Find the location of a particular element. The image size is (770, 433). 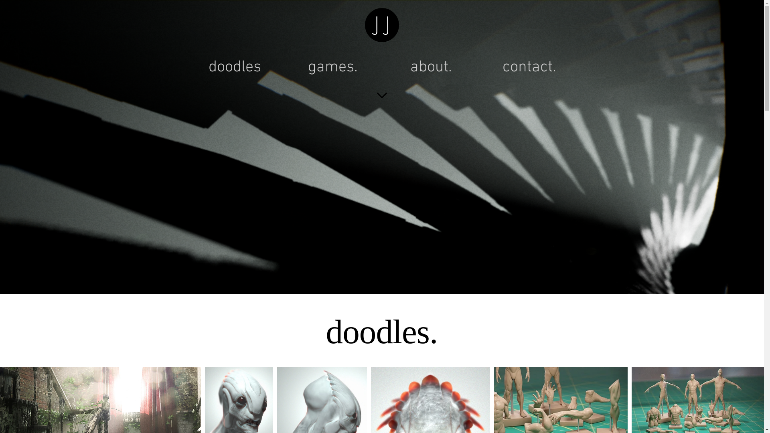

'J J' is located at coordinates (382, 24).